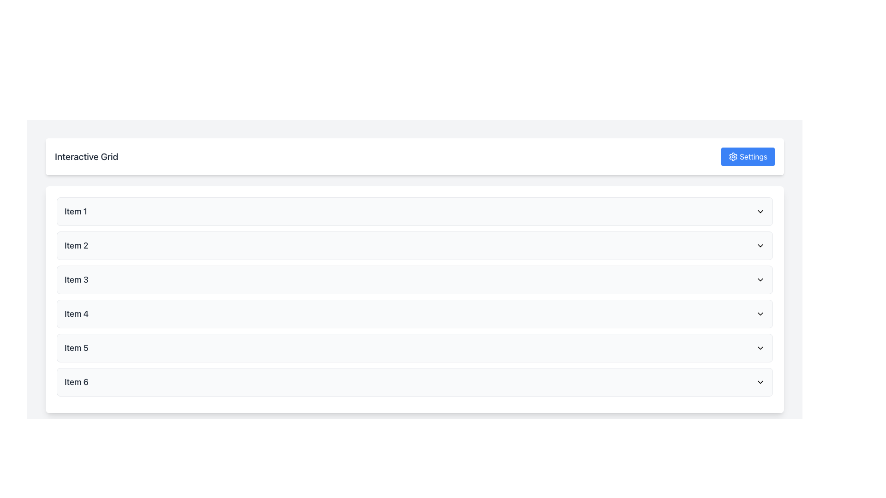 The image size is (886, 498). What do you see at coordinates (76, 348) in the screenshot?
I see `the 'Item 5' text label located` at bounding box center [76, 348].